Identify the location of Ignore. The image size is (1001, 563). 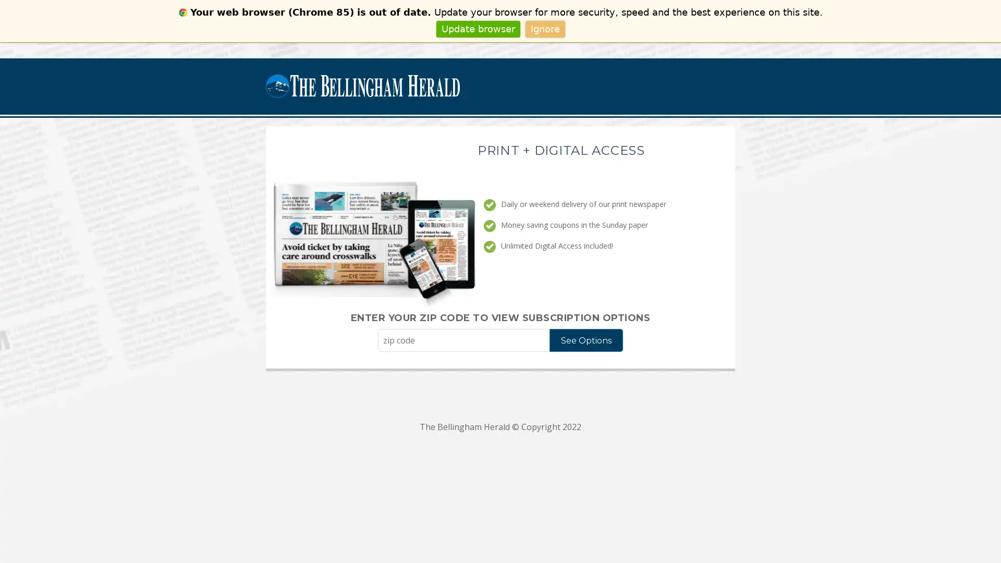
(544, 28).